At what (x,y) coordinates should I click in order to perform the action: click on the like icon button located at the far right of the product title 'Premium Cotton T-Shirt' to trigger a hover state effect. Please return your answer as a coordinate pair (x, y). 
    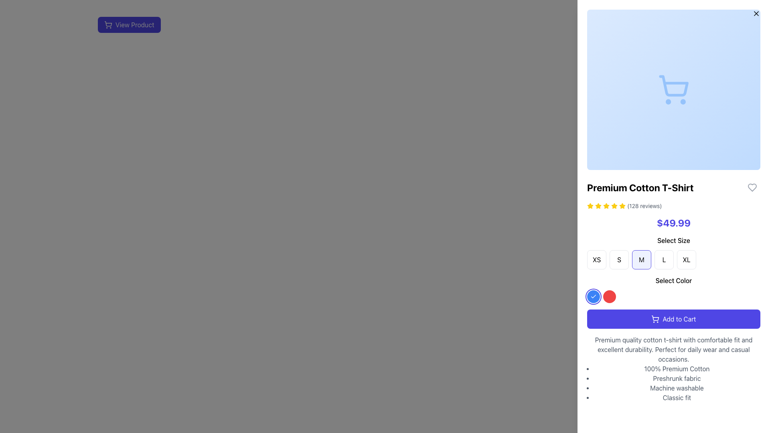
    Looking at the image, I should click on (752, 187).